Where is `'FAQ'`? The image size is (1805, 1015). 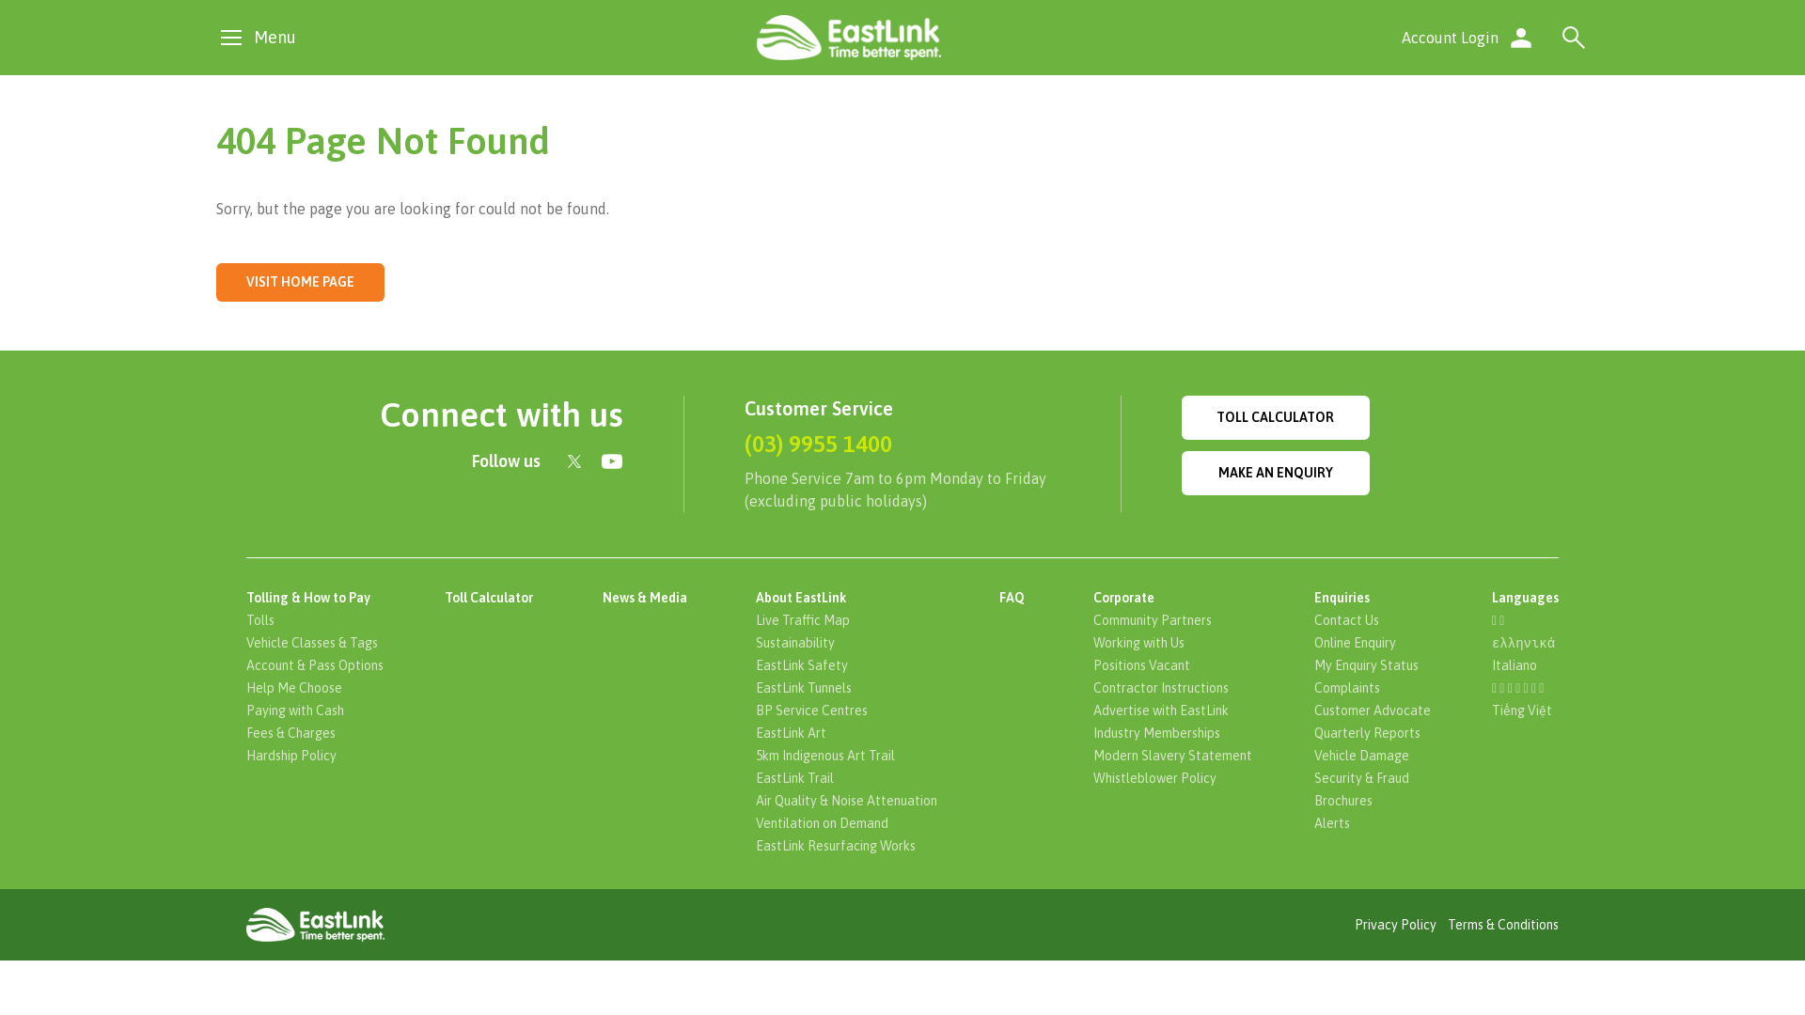 'FAQ' is located at coordinates (1022, 598).